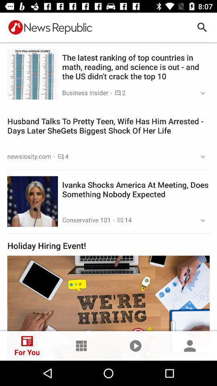 Image resolution: width=217 pixels, height=386 pixels. I want to click on the button shown right to 14, so click(200, 221).